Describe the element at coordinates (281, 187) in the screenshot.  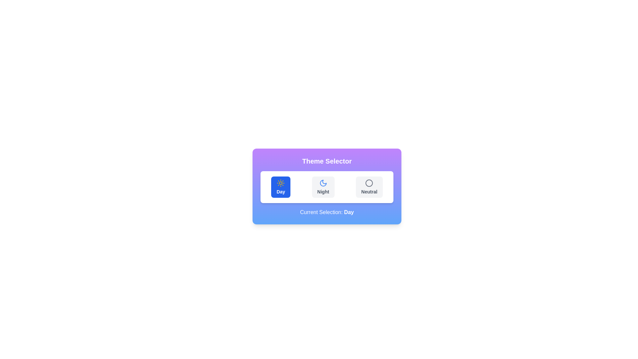
I see `the 'Day' mode button located at the leftmost position of the horizontally aligned option row in the light-themed selector panel for keyboard interaction` at that location.